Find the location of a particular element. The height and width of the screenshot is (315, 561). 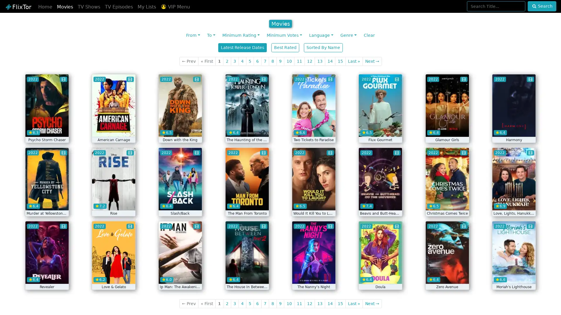

Watch Now is located at coordinates (180, 275).